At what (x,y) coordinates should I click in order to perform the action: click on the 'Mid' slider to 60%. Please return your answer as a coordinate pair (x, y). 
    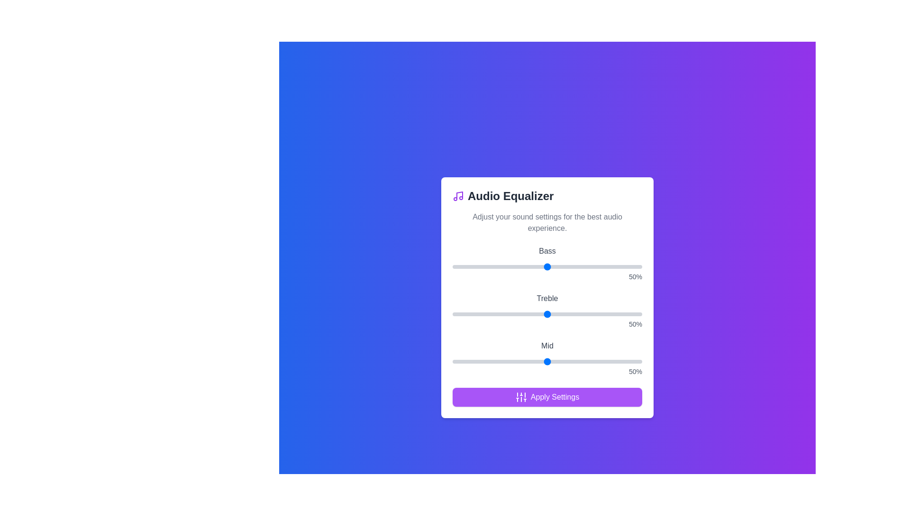
    Looking at the image, I should click on (566, 362).